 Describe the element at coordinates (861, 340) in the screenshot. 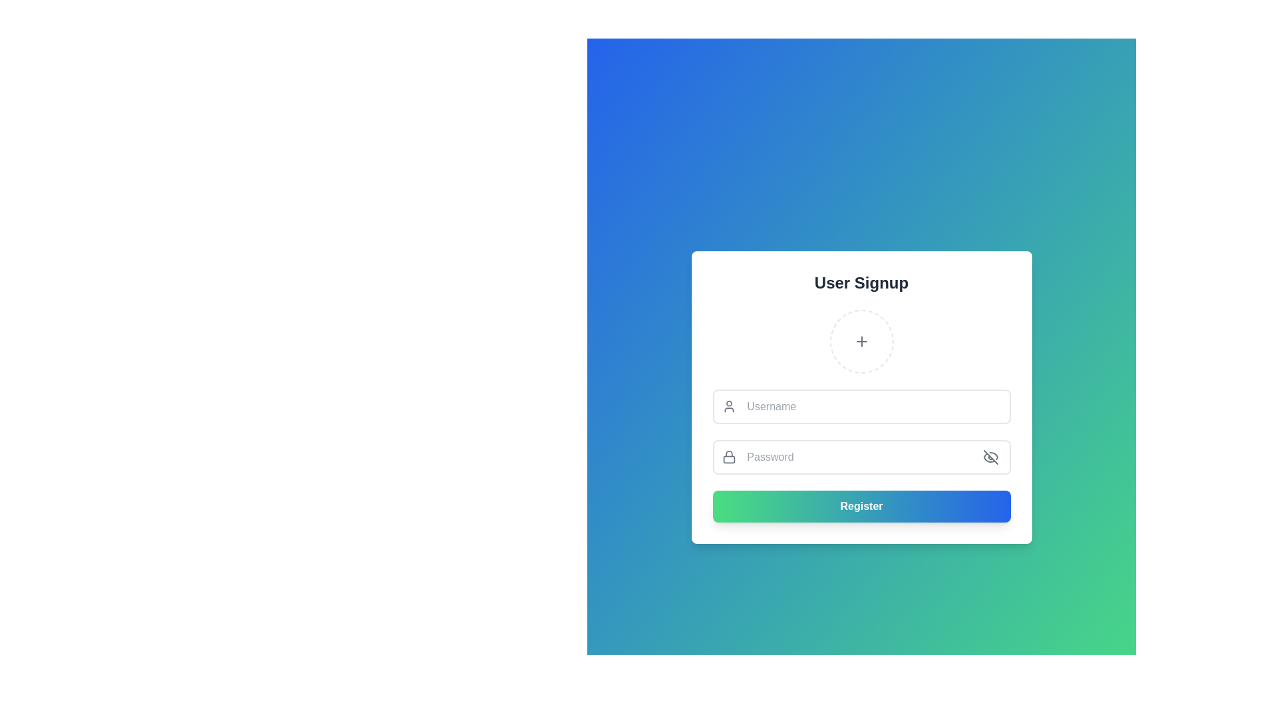

I see `the Image upload placeholder located centrally within the 'User Signup' card` at that location.